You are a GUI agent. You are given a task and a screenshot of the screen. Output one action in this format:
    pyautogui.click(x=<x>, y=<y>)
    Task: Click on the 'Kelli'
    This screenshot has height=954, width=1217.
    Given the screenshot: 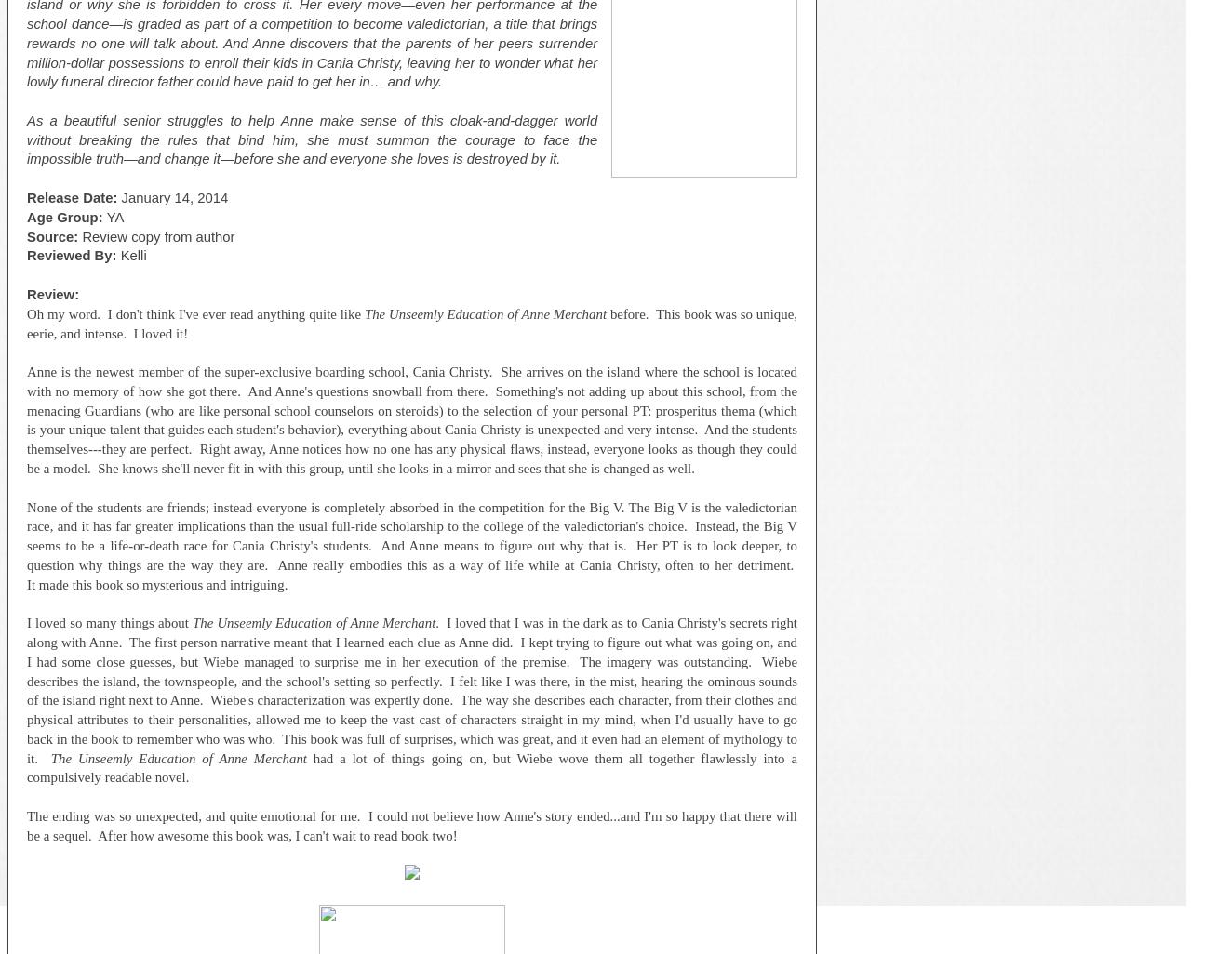 What is the action you would take?
    pyautogui.click(x=131, y=254)
    